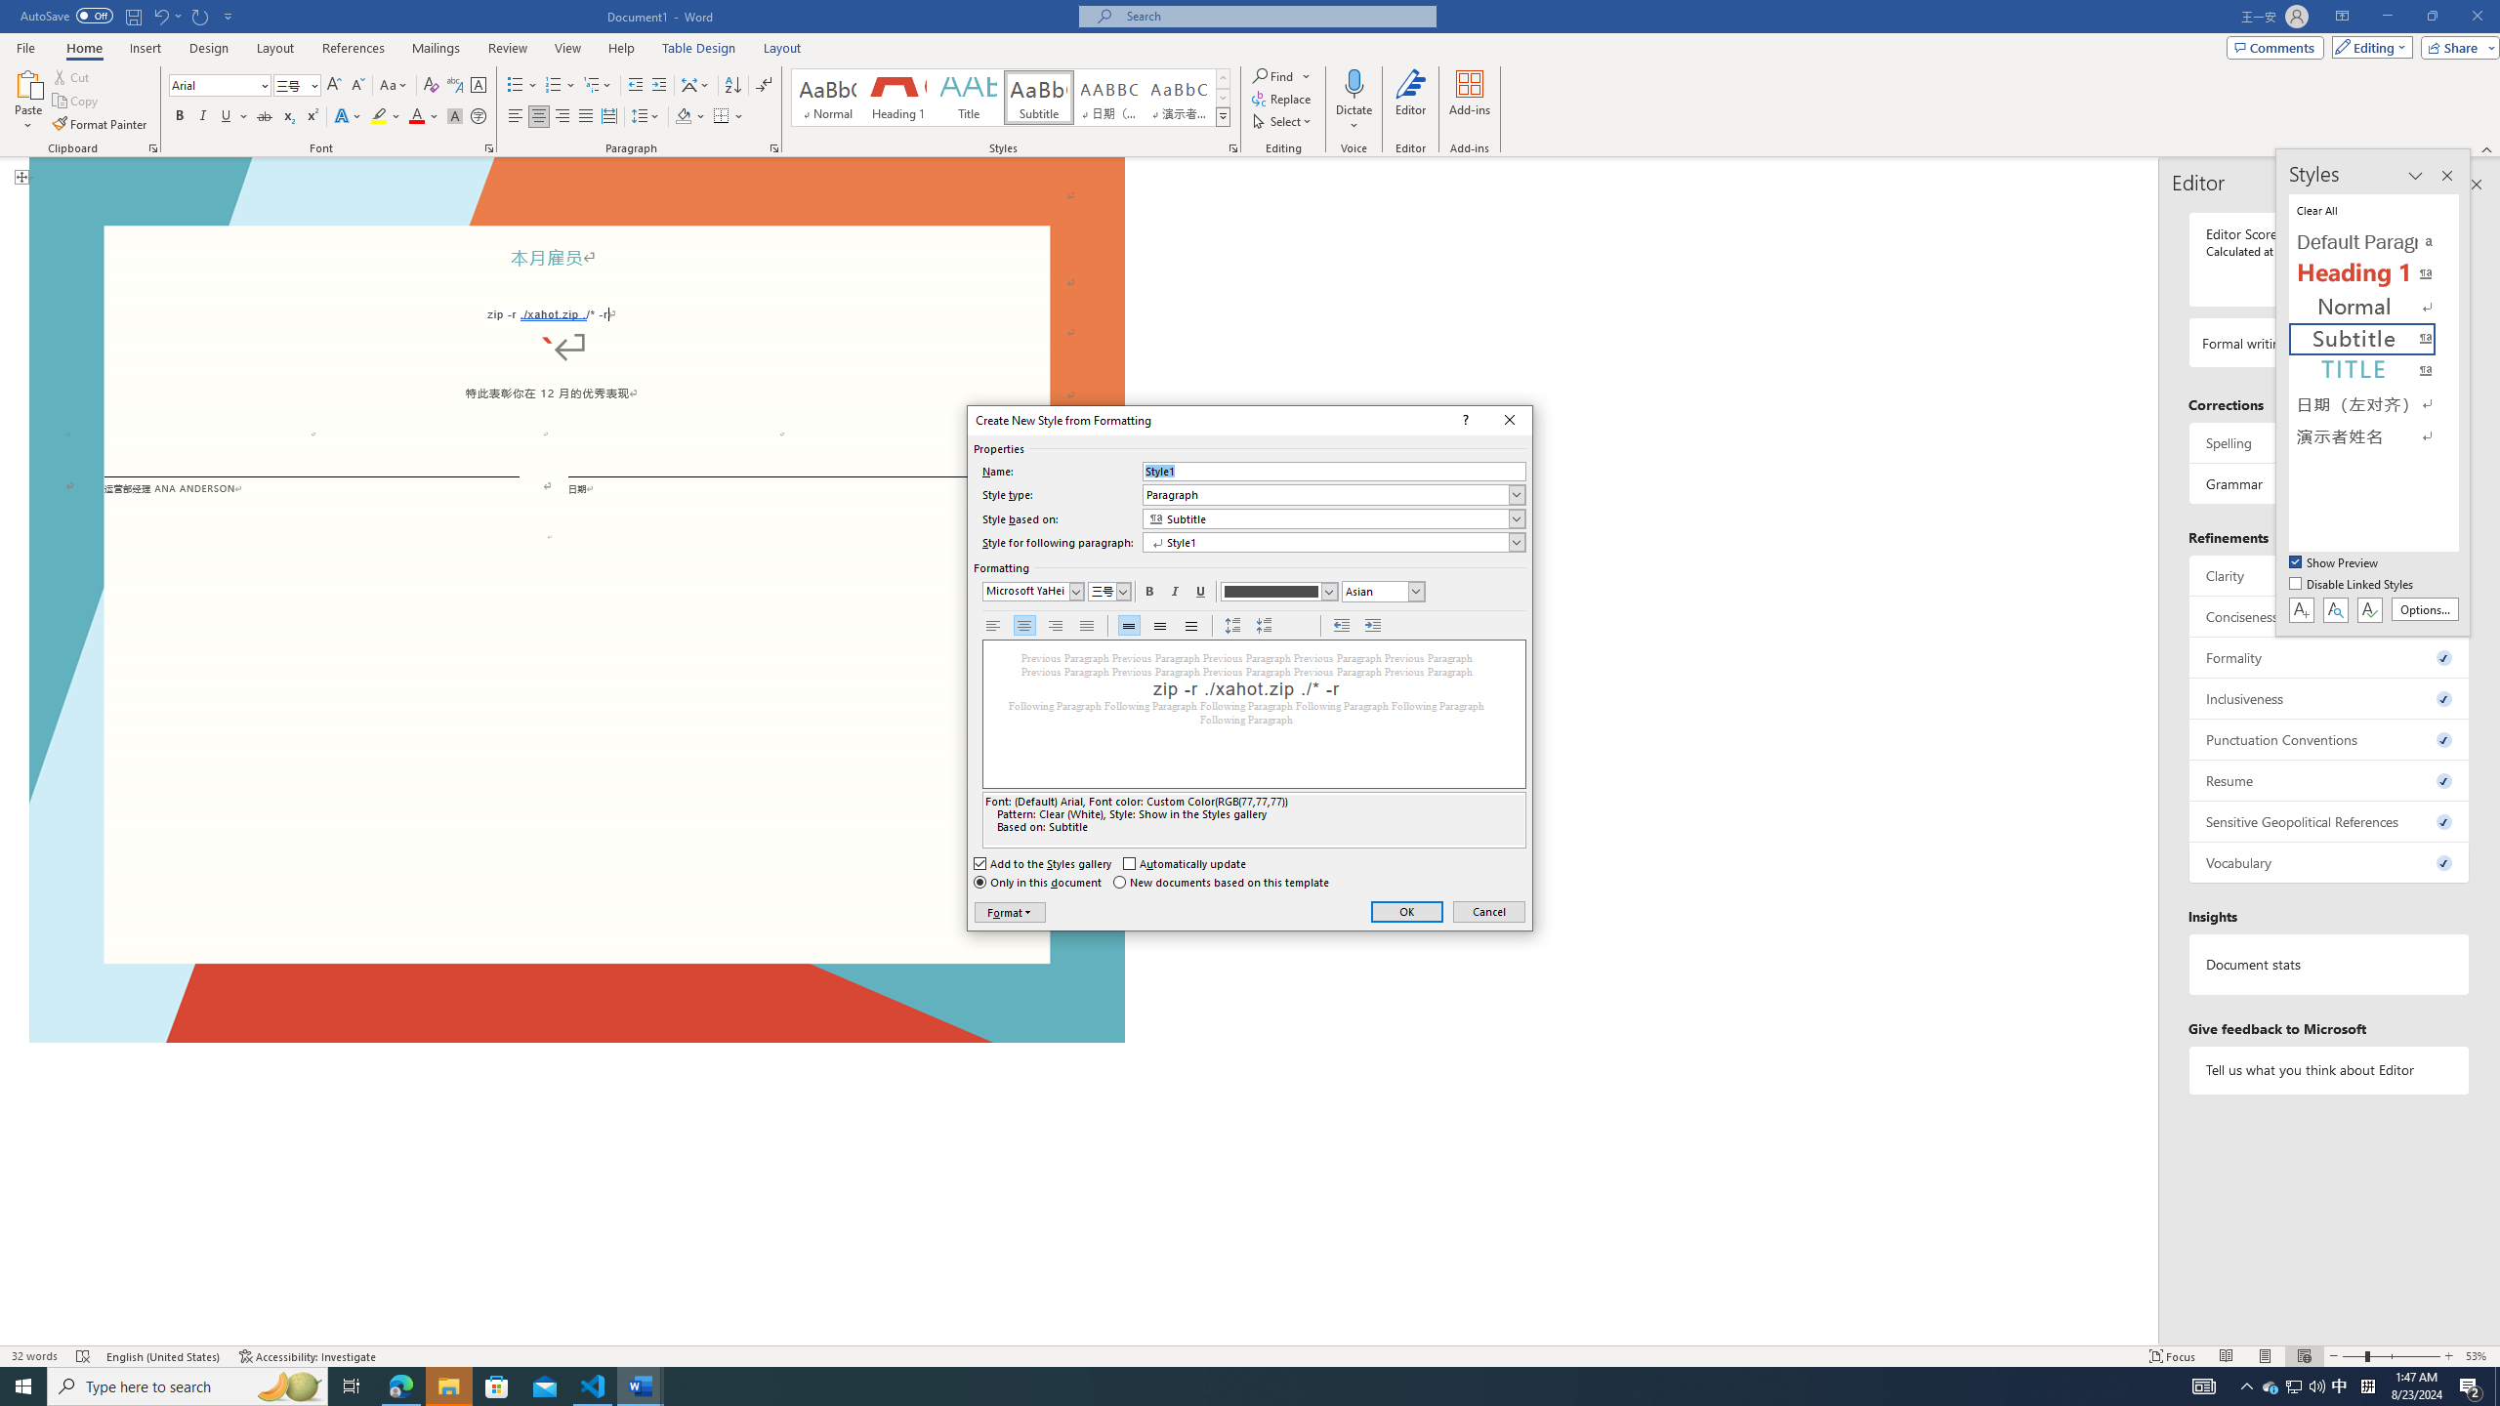 This screenshot has height=1406, width=2500. What do you see at coordinates (1334, 493) in the screenshot?
I see `'Style type:'` at bounding box center [1334, 493].